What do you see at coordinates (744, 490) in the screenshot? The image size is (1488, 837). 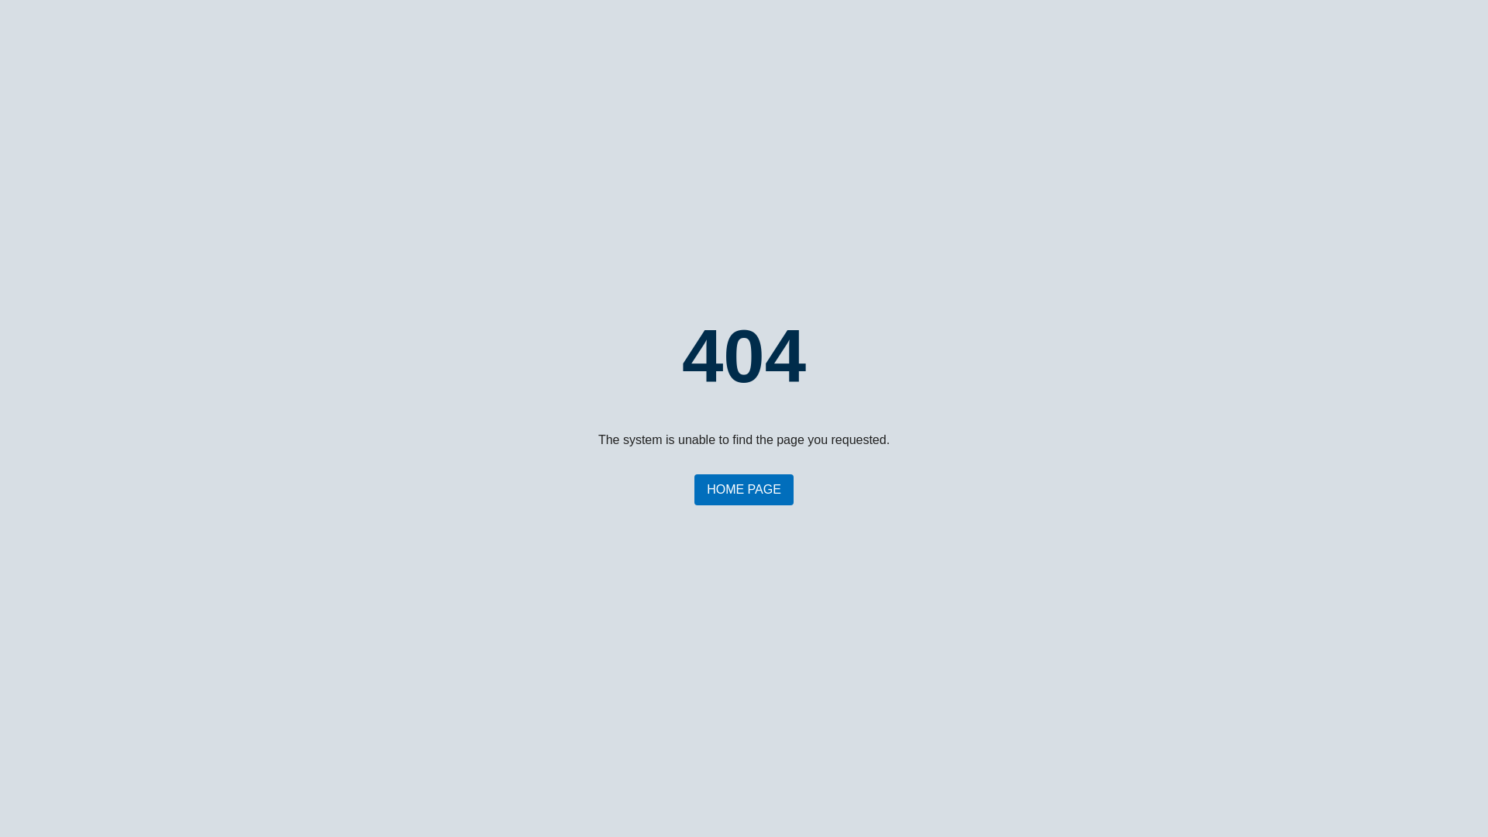 I see `'HOME PAGE'` at bounding box center [744, 490].